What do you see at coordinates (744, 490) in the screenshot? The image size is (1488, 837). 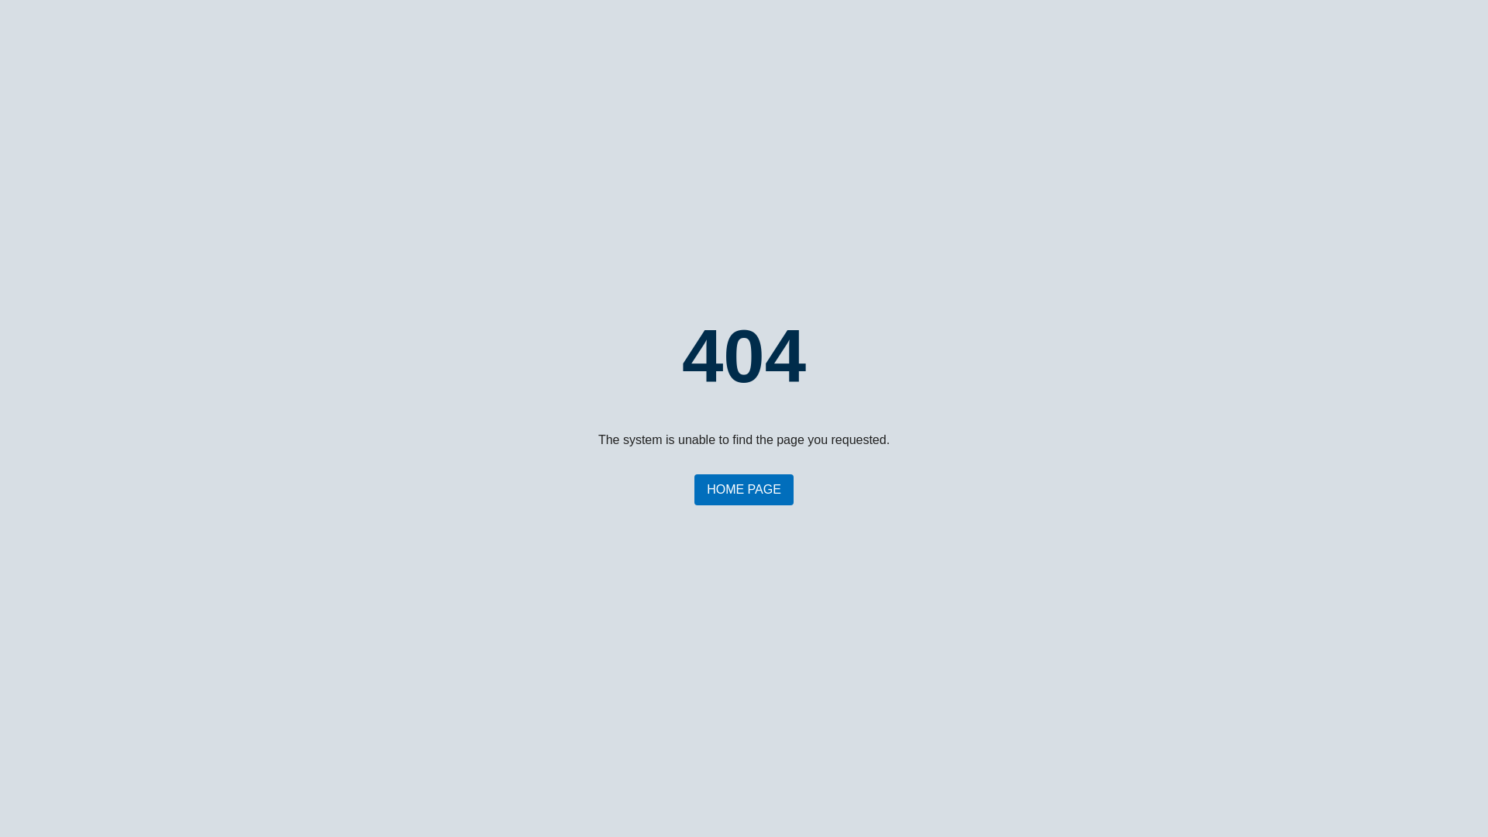 I see `'HOME PAGE'` at bounding box center [744, 490].